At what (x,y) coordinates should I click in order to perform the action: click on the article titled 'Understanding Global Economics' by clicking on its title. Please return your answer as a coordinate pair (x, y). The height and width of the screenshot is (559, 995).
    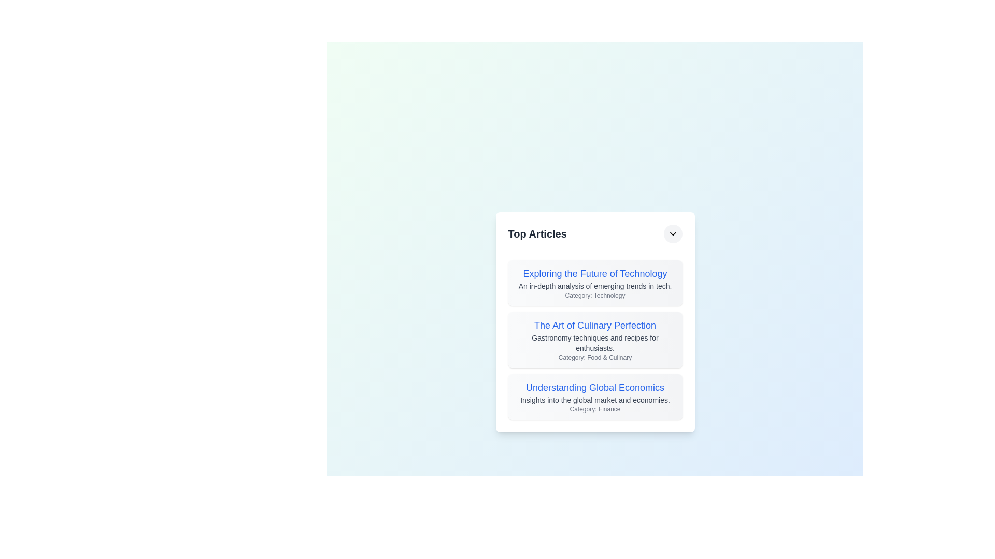
    Looking at the image, I should click on (595, 387).